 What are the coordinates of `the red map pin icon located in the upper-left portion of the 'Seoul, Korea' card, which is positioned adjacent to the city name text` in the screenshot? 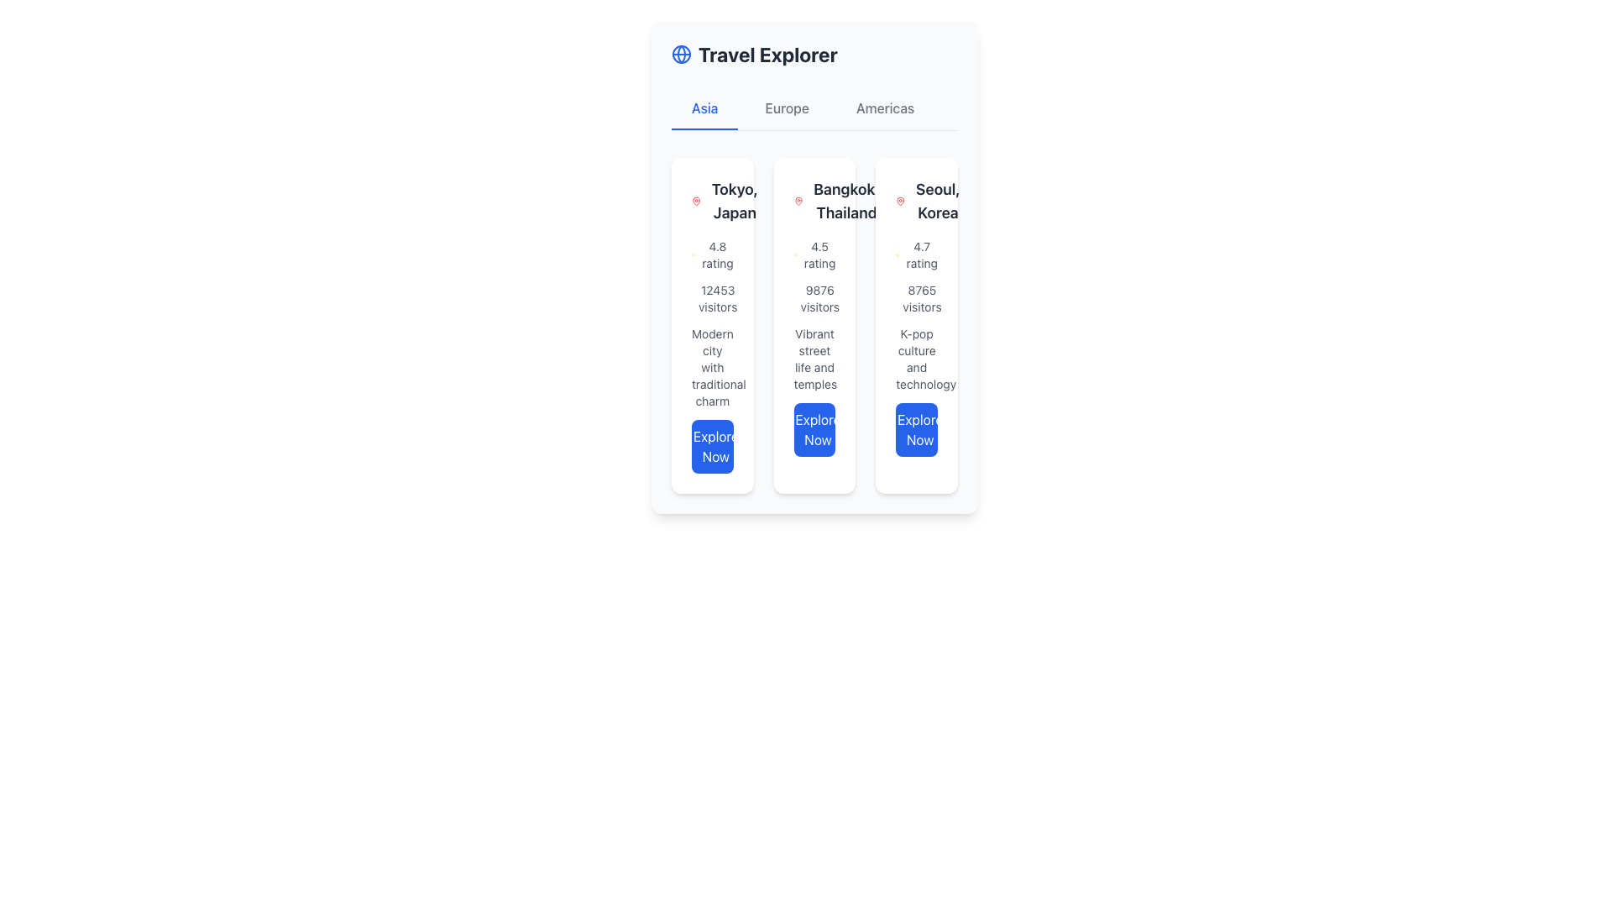 It's located at (900, 200).